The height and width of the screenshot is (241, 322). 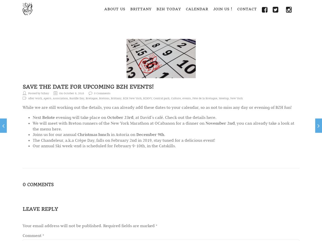 I want to click on 'About Us', so click(x=114, y=9).